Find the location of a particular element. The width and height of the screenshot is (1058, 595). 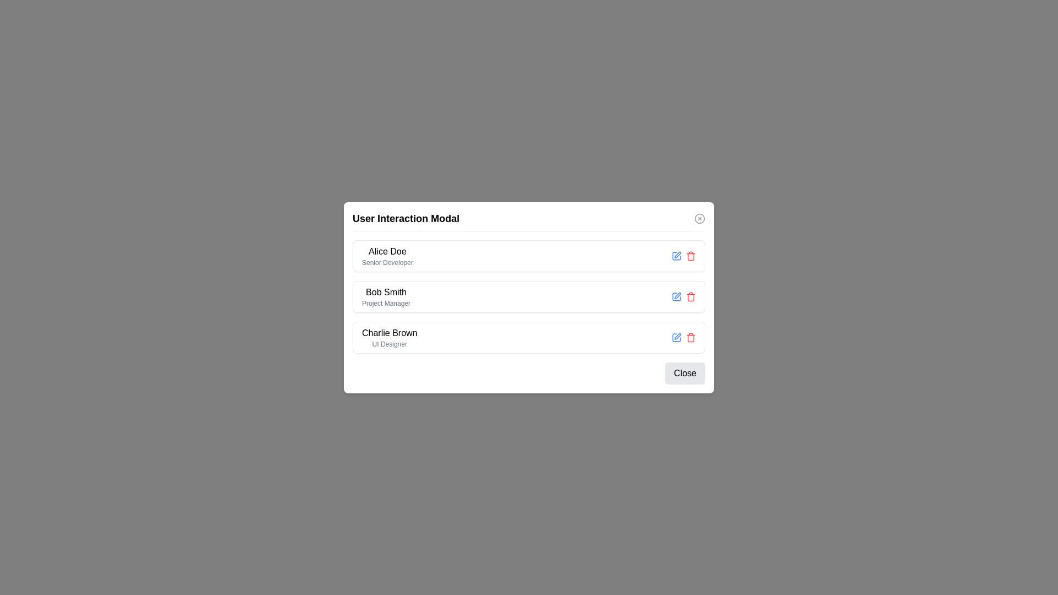

the trash can icon button located in the top-right area of the 'User Interaction Modal' is located at coordinates (690, 255).